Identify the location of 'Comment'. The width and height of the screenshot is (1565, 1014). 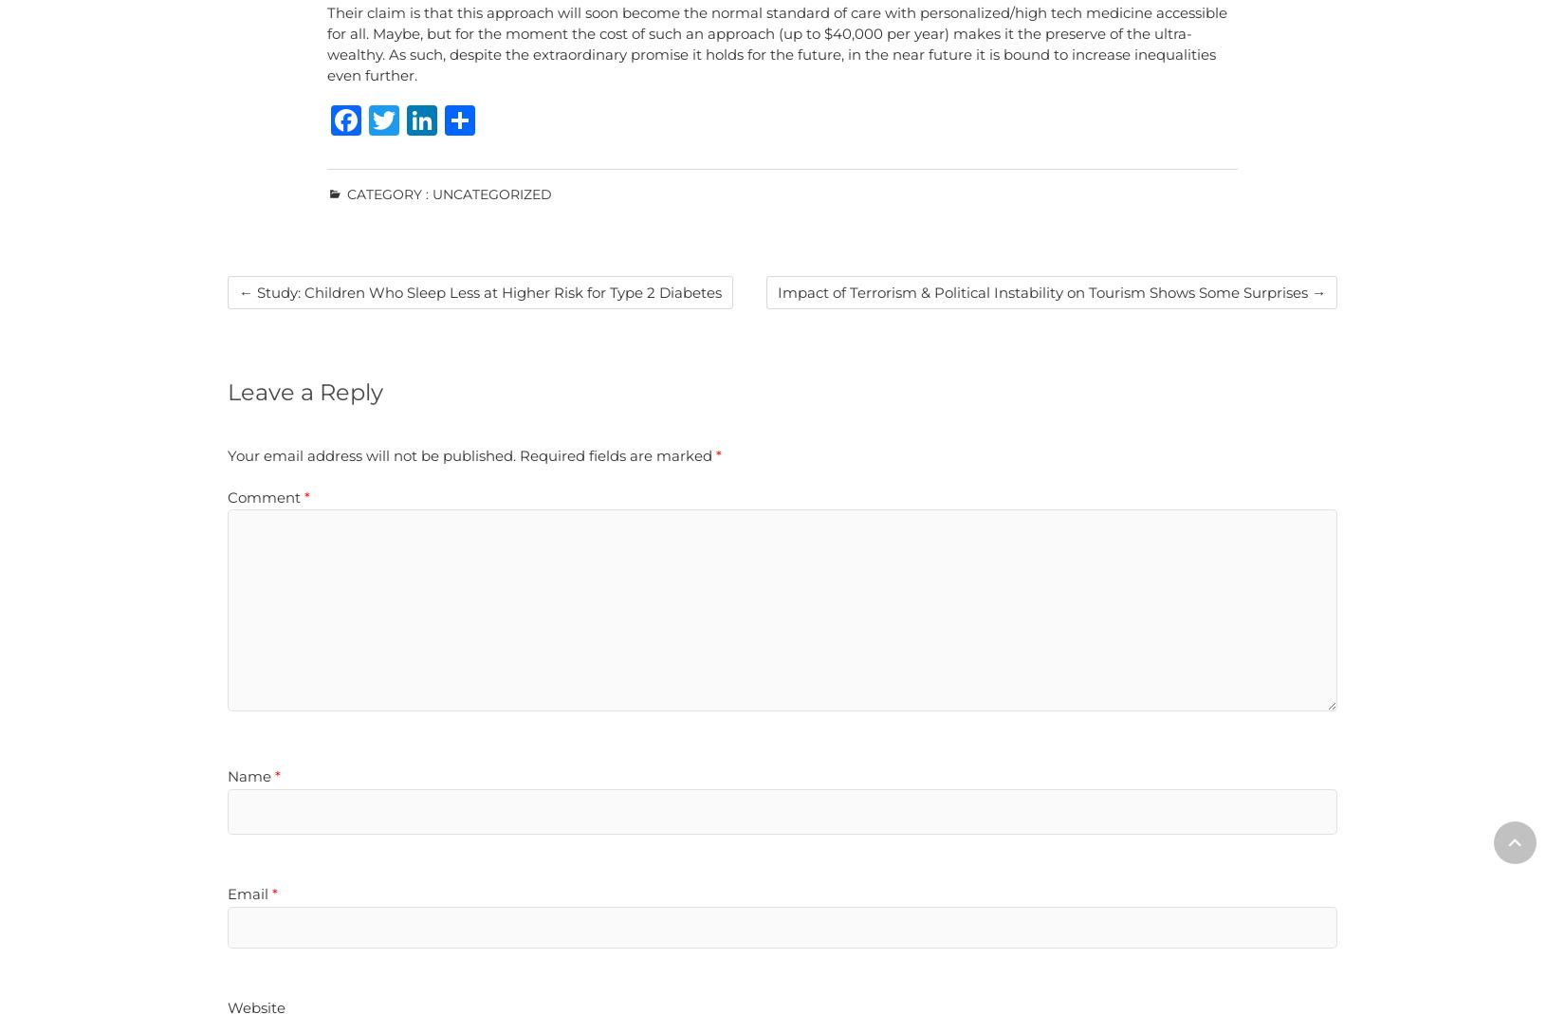
(228, 495).